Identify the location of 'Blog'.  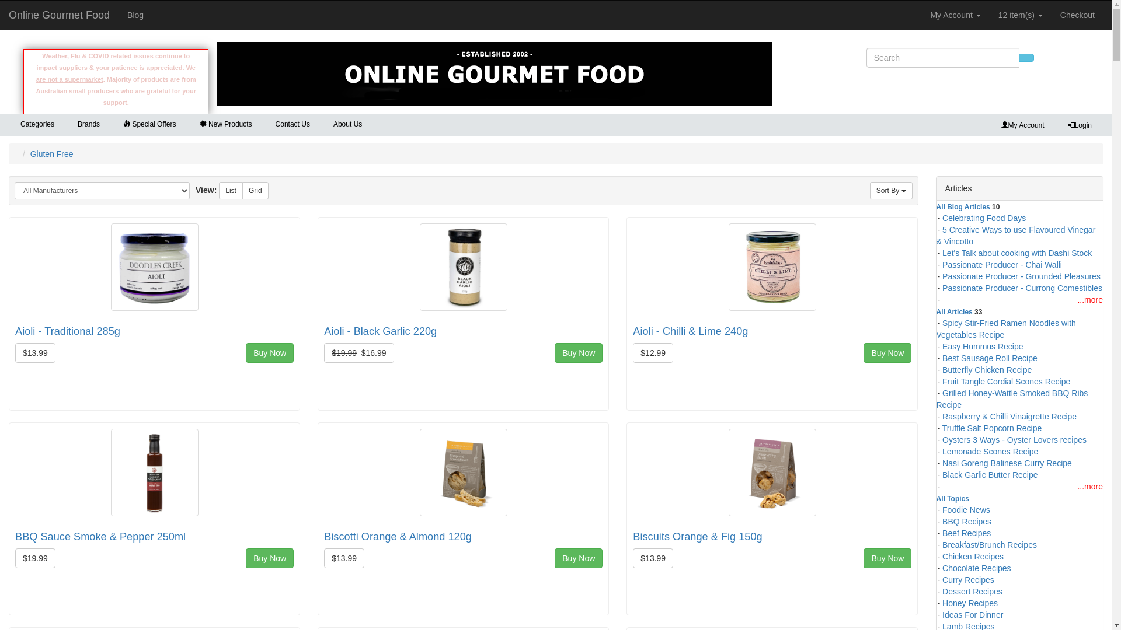
(118, 15).